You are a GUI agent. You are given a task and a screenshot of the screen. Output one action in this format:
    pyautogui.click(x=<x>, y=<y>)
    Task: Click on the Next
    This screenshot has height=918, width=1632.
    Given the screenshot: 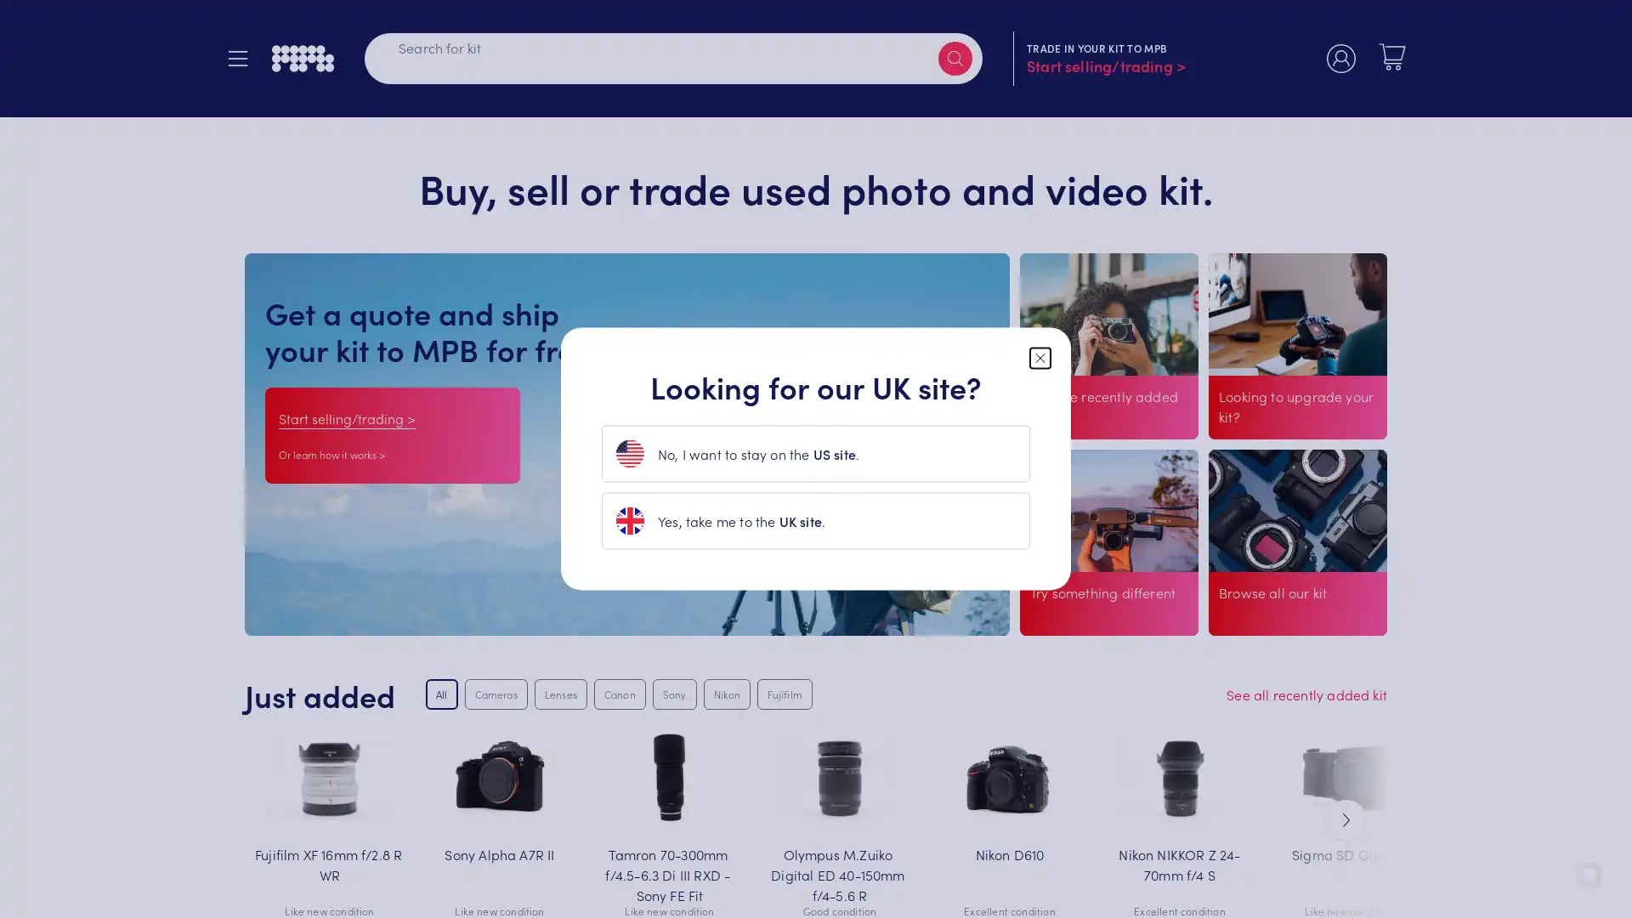 What is the action you would take?
    pyautogui.click(x=1346, y=819)
    